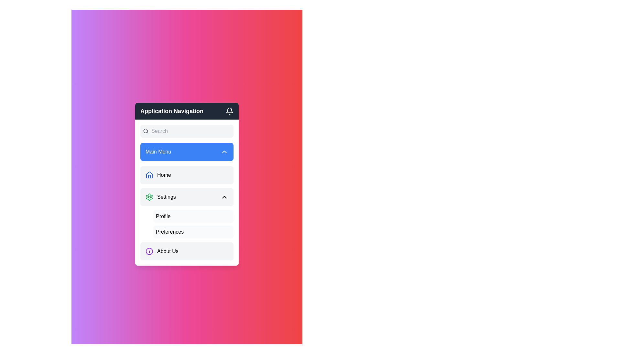 The height and width of the screenshot is (349, 621). I want to click on the circular boundary of the information icon, which is part of the decorative structure indicating an information point, so click(149, 251).